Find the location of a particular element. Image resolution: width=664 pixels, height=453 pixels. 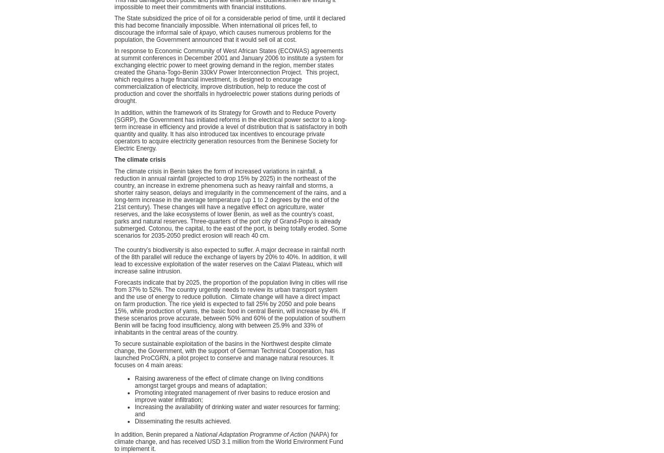

'Norway' is located at coordinates (467, 81).